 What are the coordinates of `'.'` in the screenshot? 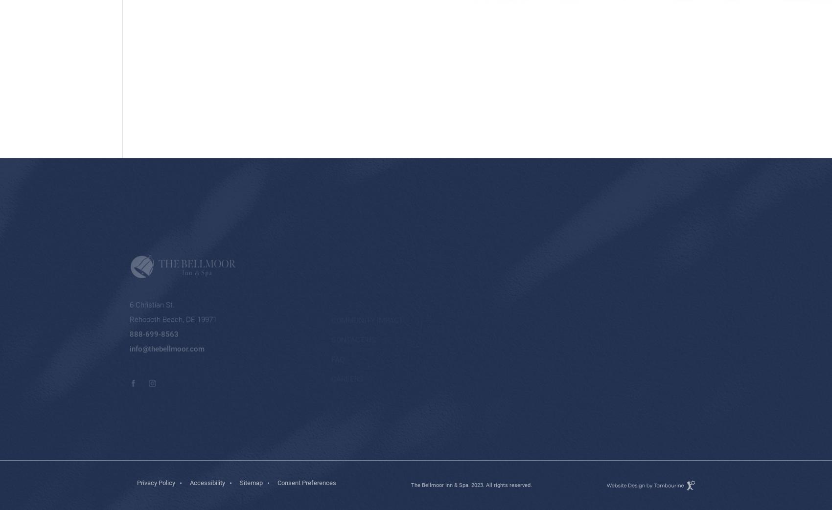 It's located at (617, 370).